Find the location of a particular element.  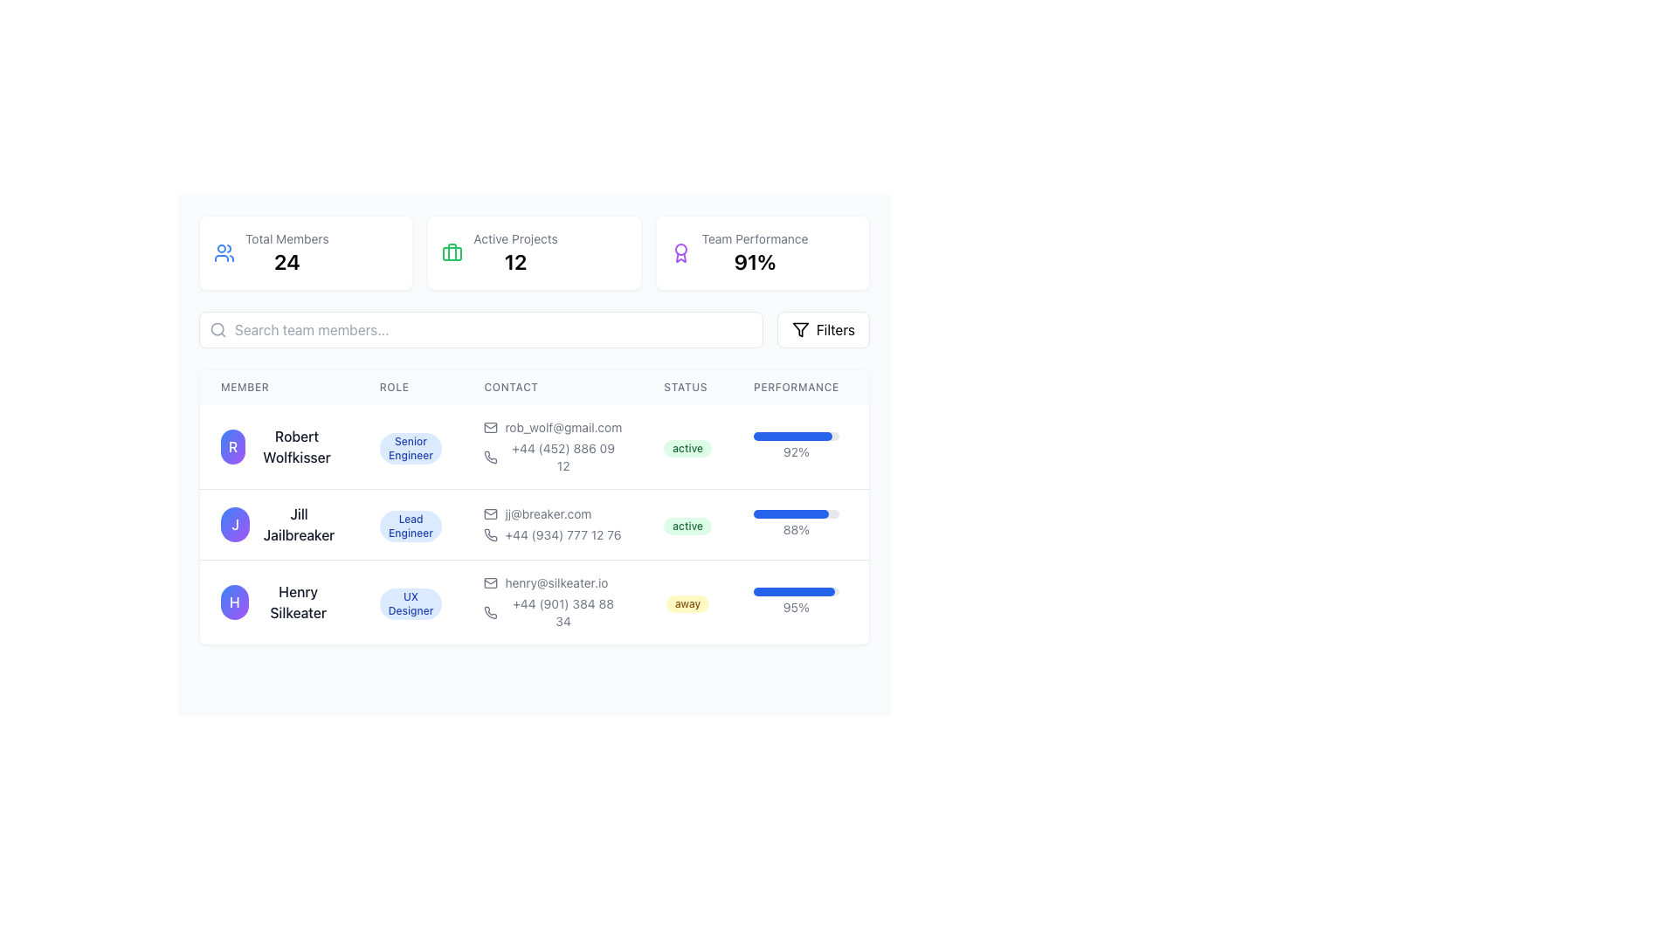

the progress value visually in the performance bar for 'Henry Silkeater', which is a light gray progress bar with a blue filled section indicating 95% progress is located at coordinates (796, 591).